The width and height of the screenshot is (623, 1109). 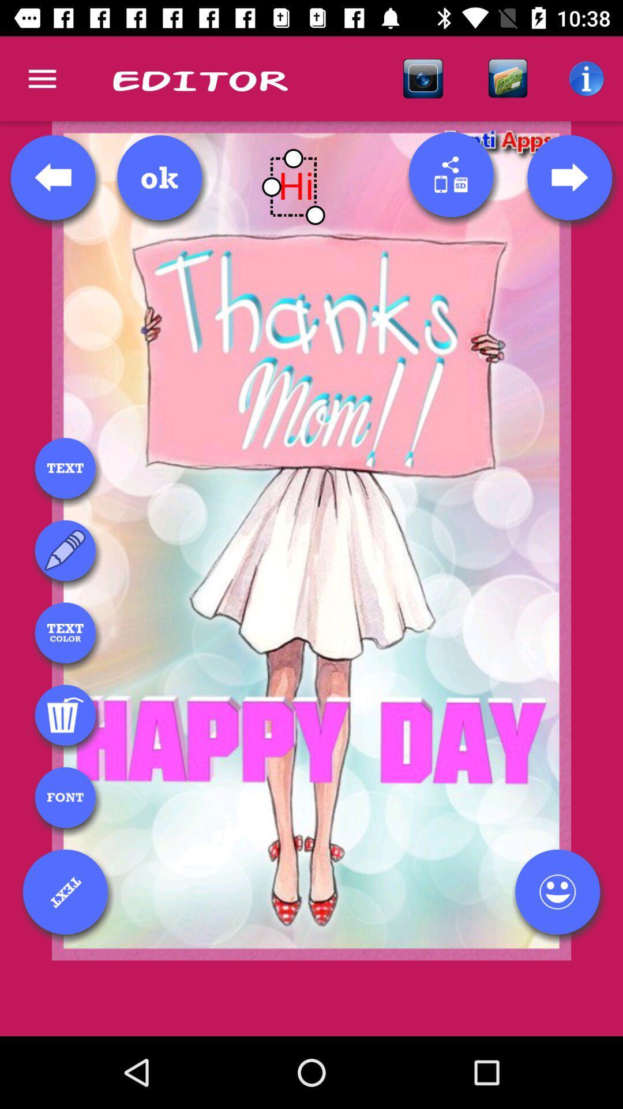 What do you see at coordinates (65, 550) in the screenshot?
I see `the edit icon` at bounding box center [65, 550].